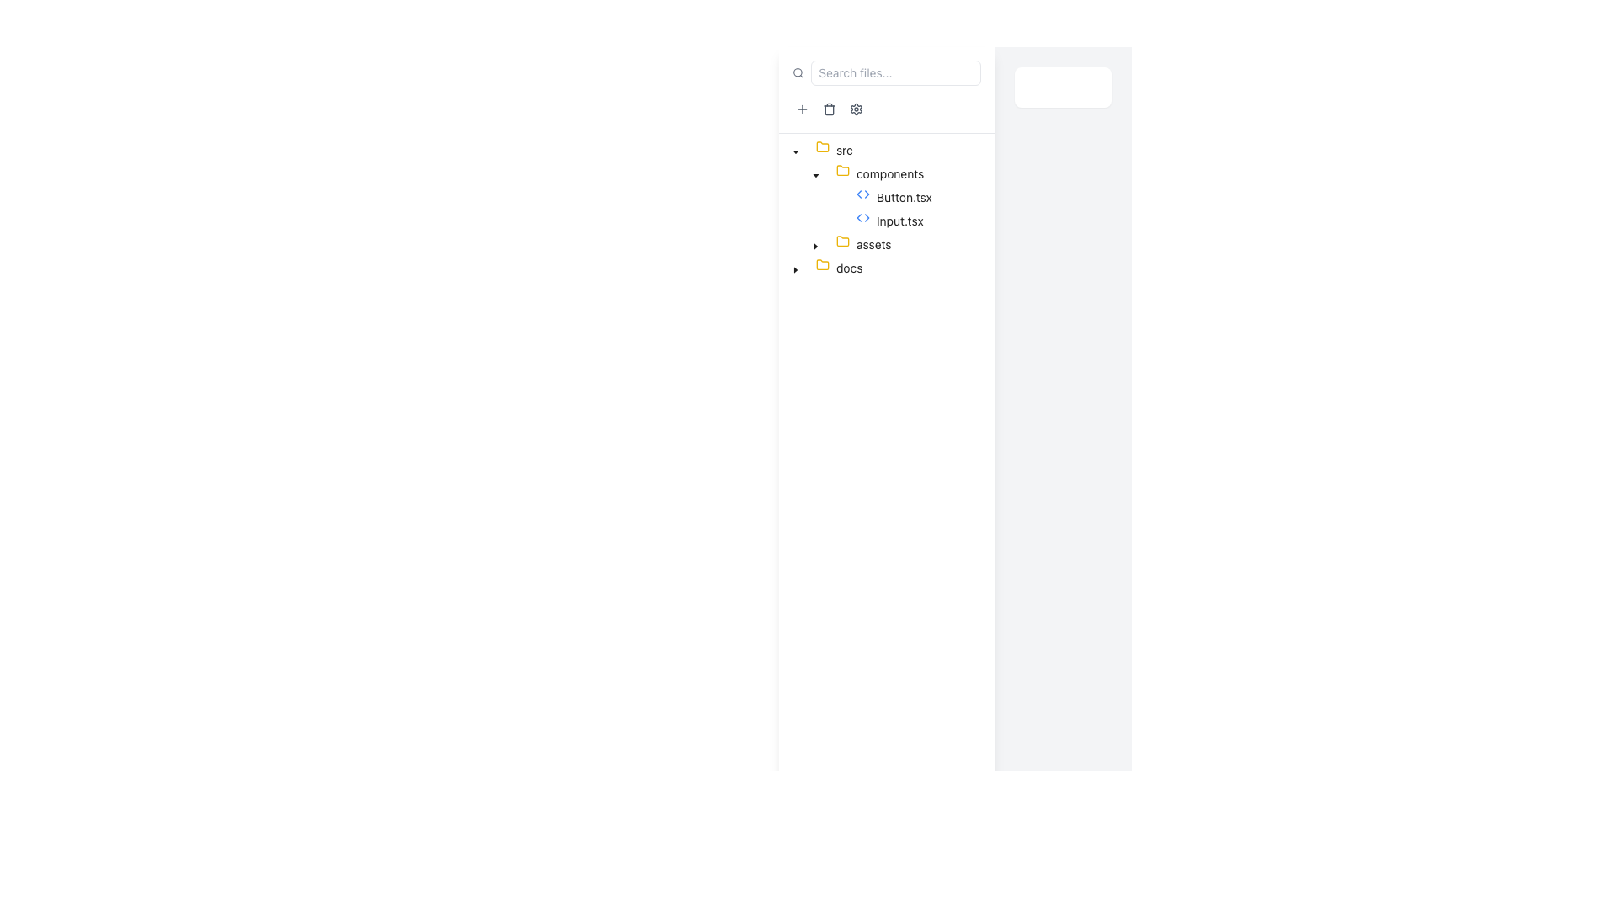 This screenshot has height=909, width=1617. What do you see at coordinates (816, 174) in the screenshot?
I see `the triangular toggle button icon indicating an open state for the collapsible tree node, located to the left of the 'components' label in the navigation panel` at bounding box center [816, 174].